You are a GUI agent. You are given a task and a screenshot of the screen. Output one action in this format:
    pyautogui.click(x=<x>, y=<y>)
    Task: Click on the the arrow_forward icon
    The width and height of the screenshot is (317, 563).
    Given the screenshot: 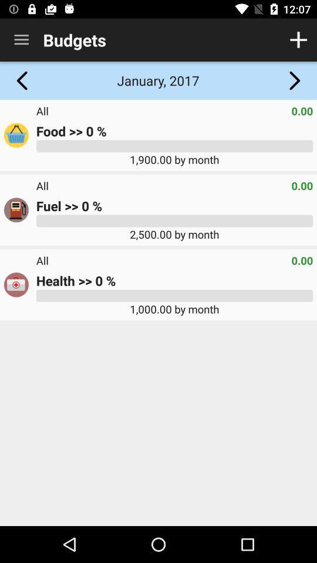 What is the action you would take?
    pyautogui.click(x=294, y=80)
    